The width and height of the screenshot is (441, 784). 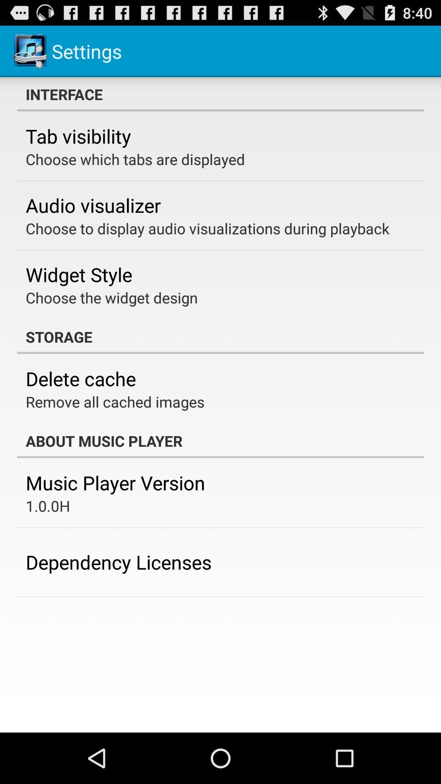 I want to click on dependency licenses, so click(x=118, y=561).